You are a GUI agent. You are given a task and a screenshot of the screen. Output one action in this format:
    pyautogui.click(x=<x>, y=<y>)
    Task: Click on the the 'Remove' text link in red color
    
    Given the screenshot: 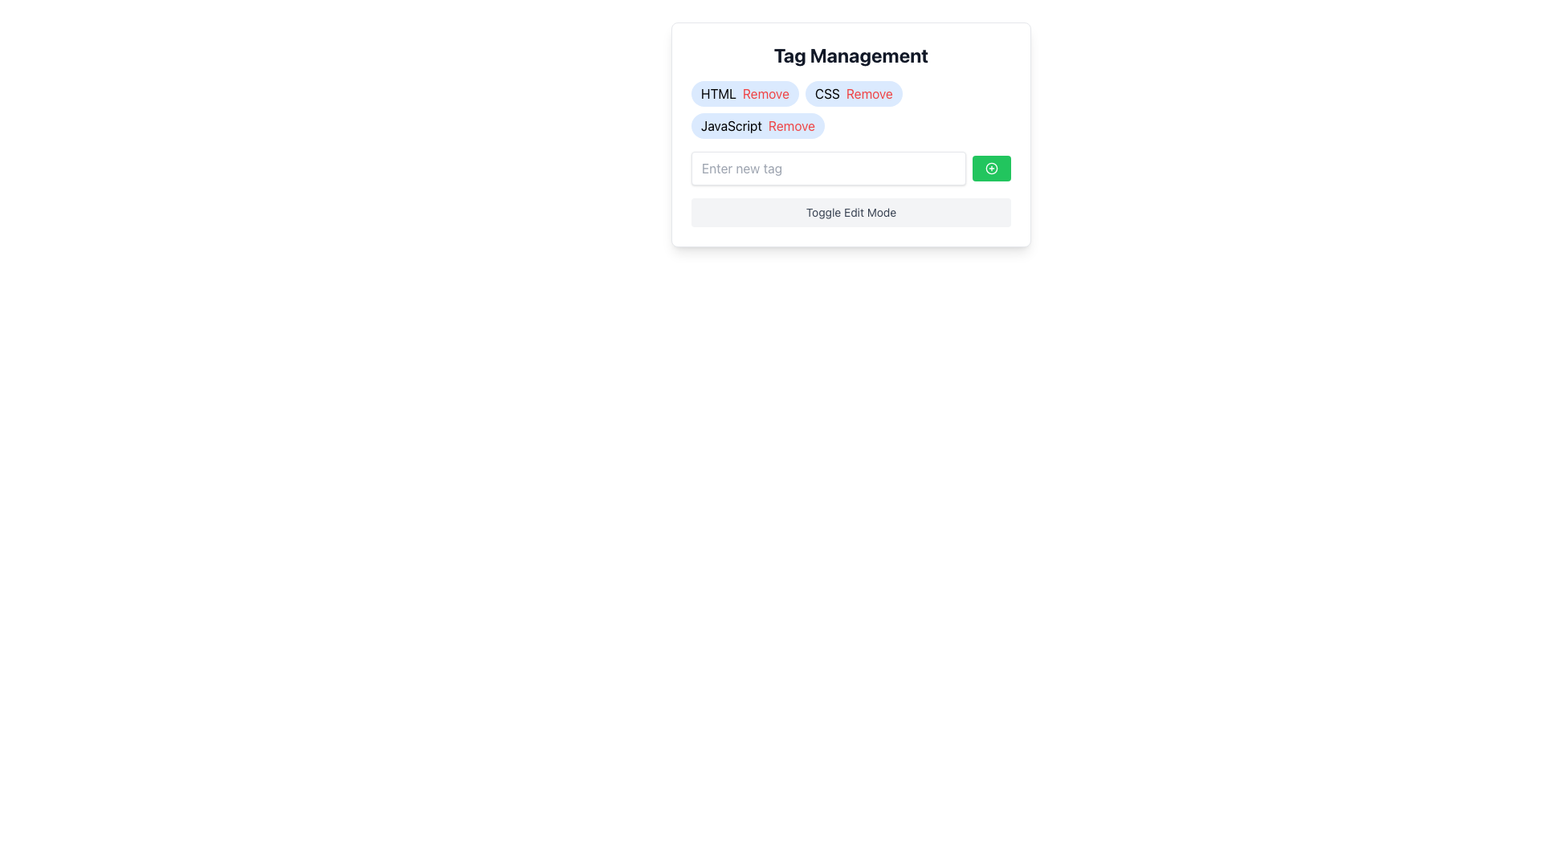 What is the action you would take?
    pyautogui.click(x=765, y=93)
    